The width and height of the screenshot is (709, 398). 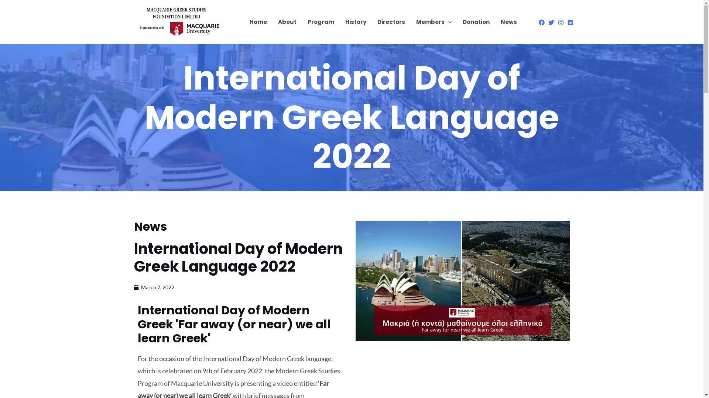 What do you see at coordinates (390, 22) in the screenshot?
I see `'Directors'` at bounding box center [390, 22].